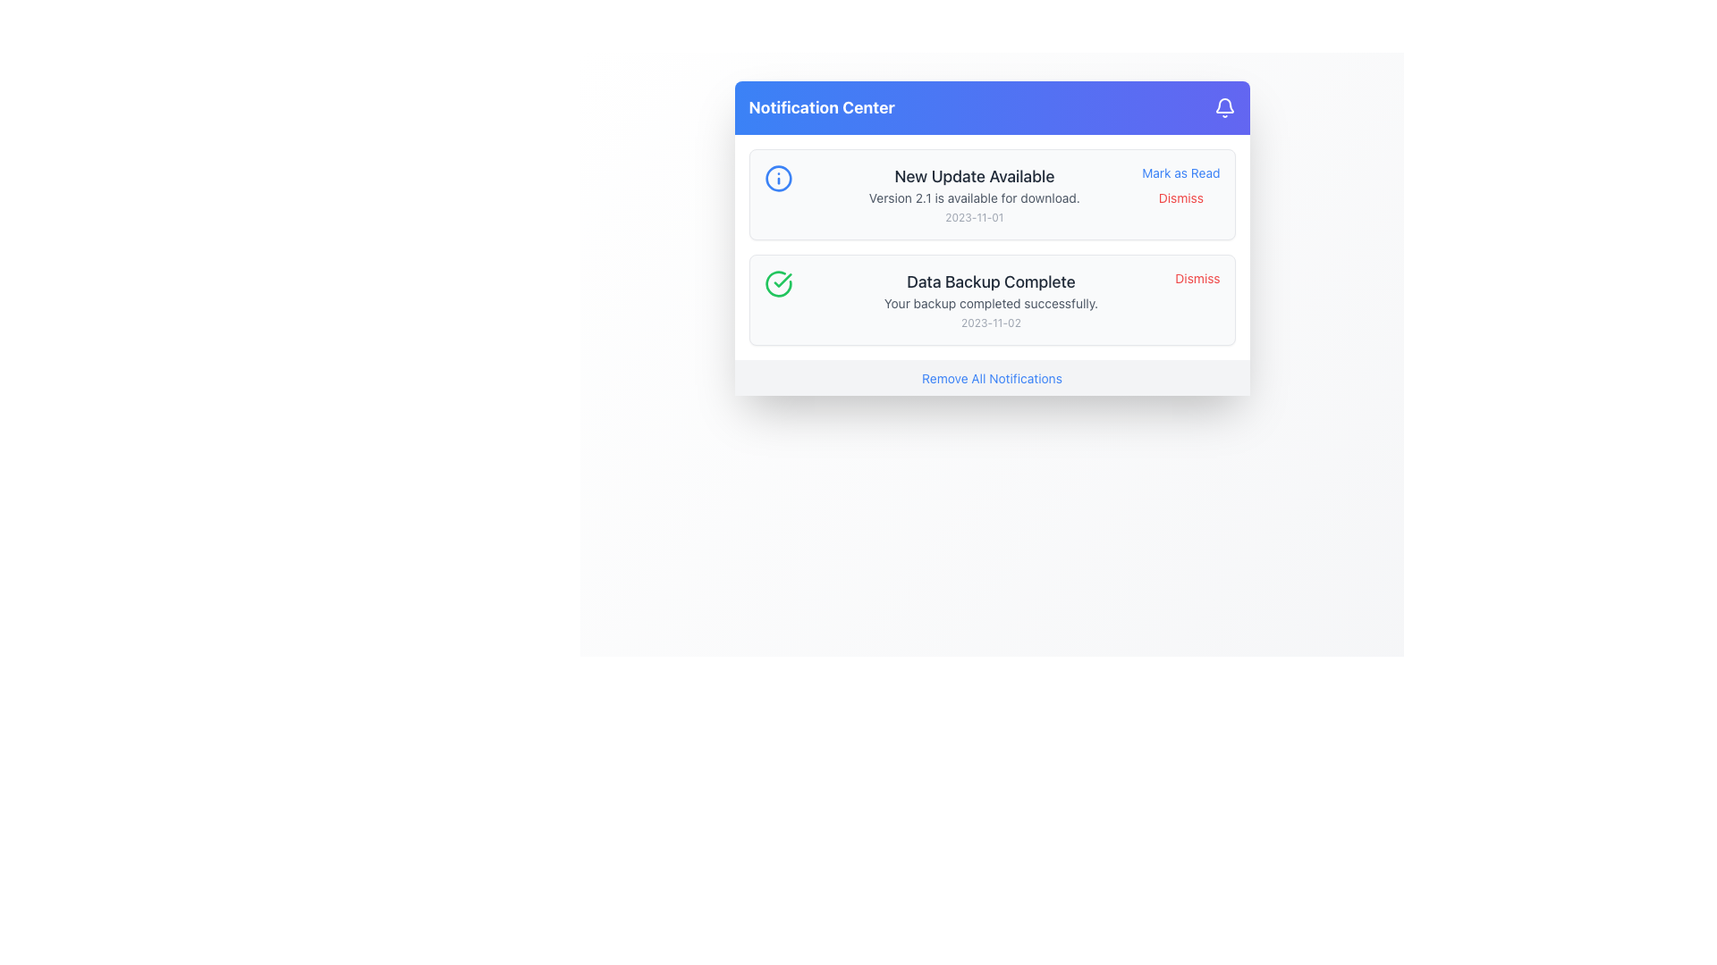  What do you see at coordinates (991, 195) in the screenshot?
I see `the first notification card in the Notification Center to focus on it, which informs the user about the availability of version 2.1 for download` at bounding box center [991, 195].